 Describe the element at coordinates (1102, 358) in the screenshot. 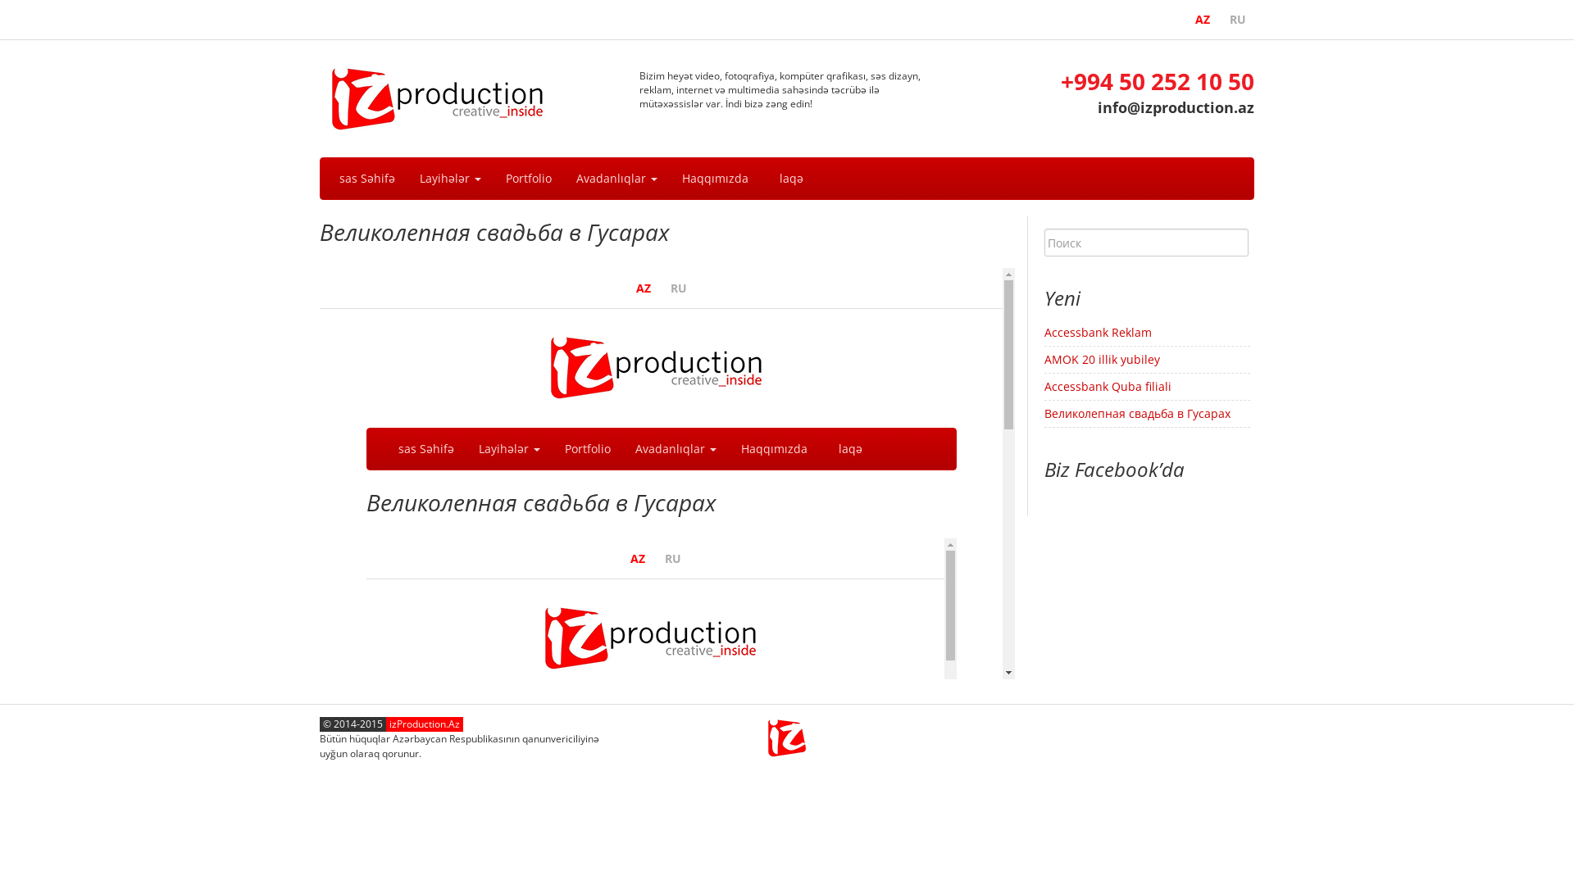

I see `'AMOK 20 illik yubiley'` at that location.